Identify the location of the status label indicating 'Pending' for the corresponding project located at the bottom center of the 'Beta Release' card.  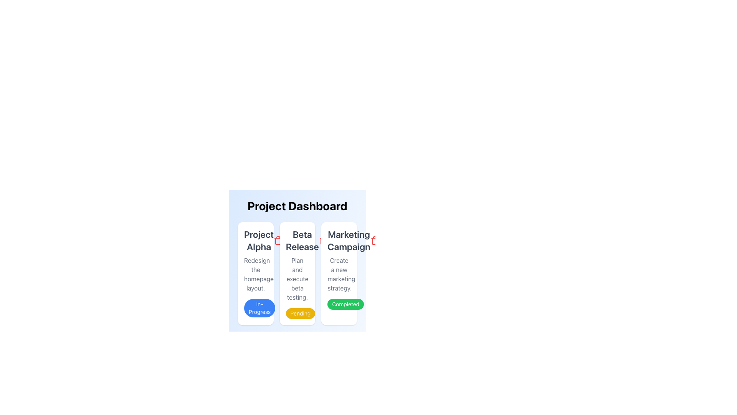
(300, 314).